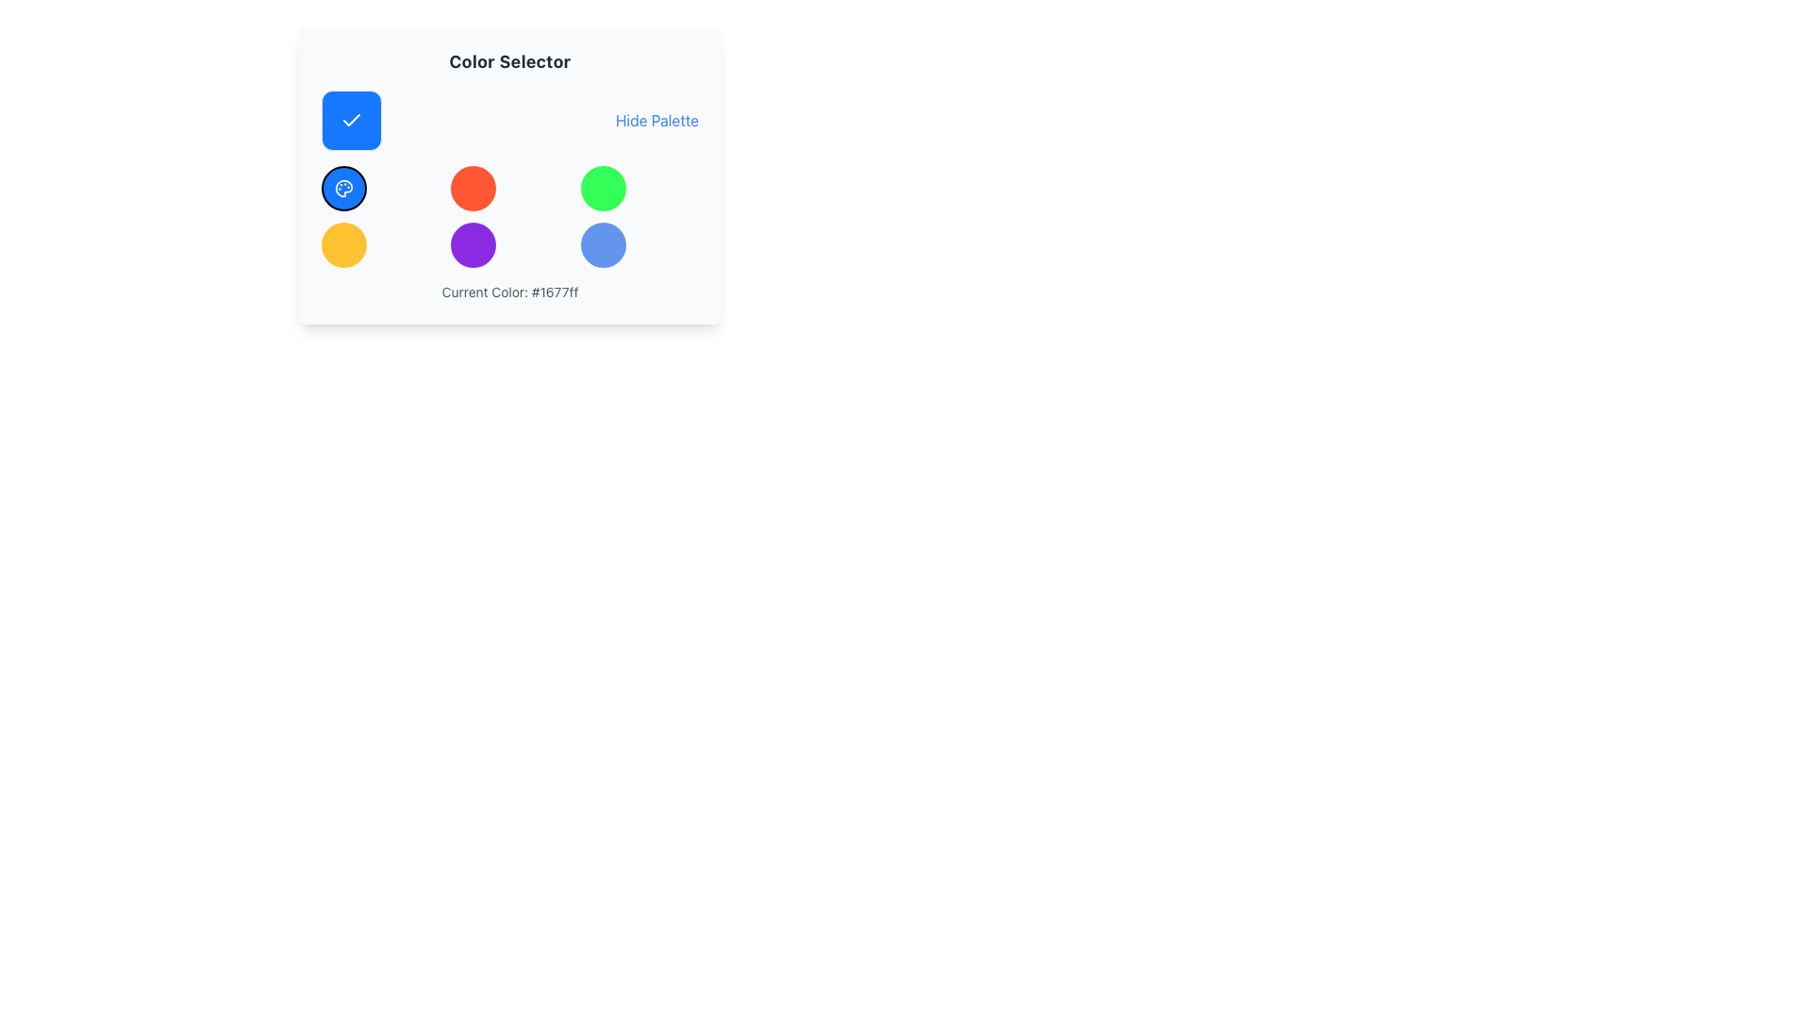 This screenshot has width=1811, height=1019. I want to click on the circular button with a light blue background located at the bottom-right corner of the 3x3 grid in the color palette section, so click(602, 243).